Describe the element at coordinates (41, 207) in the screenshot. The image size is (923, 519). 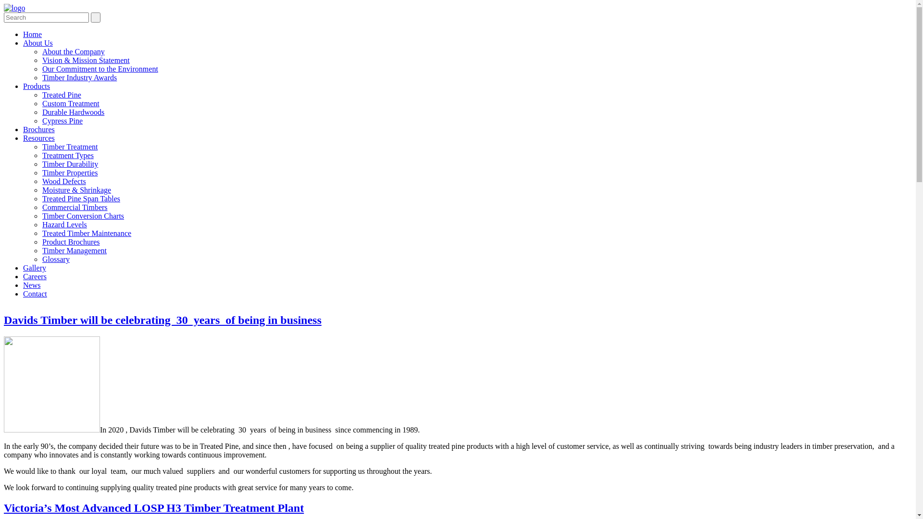
I see `'Commercial Timbers'` at that location.